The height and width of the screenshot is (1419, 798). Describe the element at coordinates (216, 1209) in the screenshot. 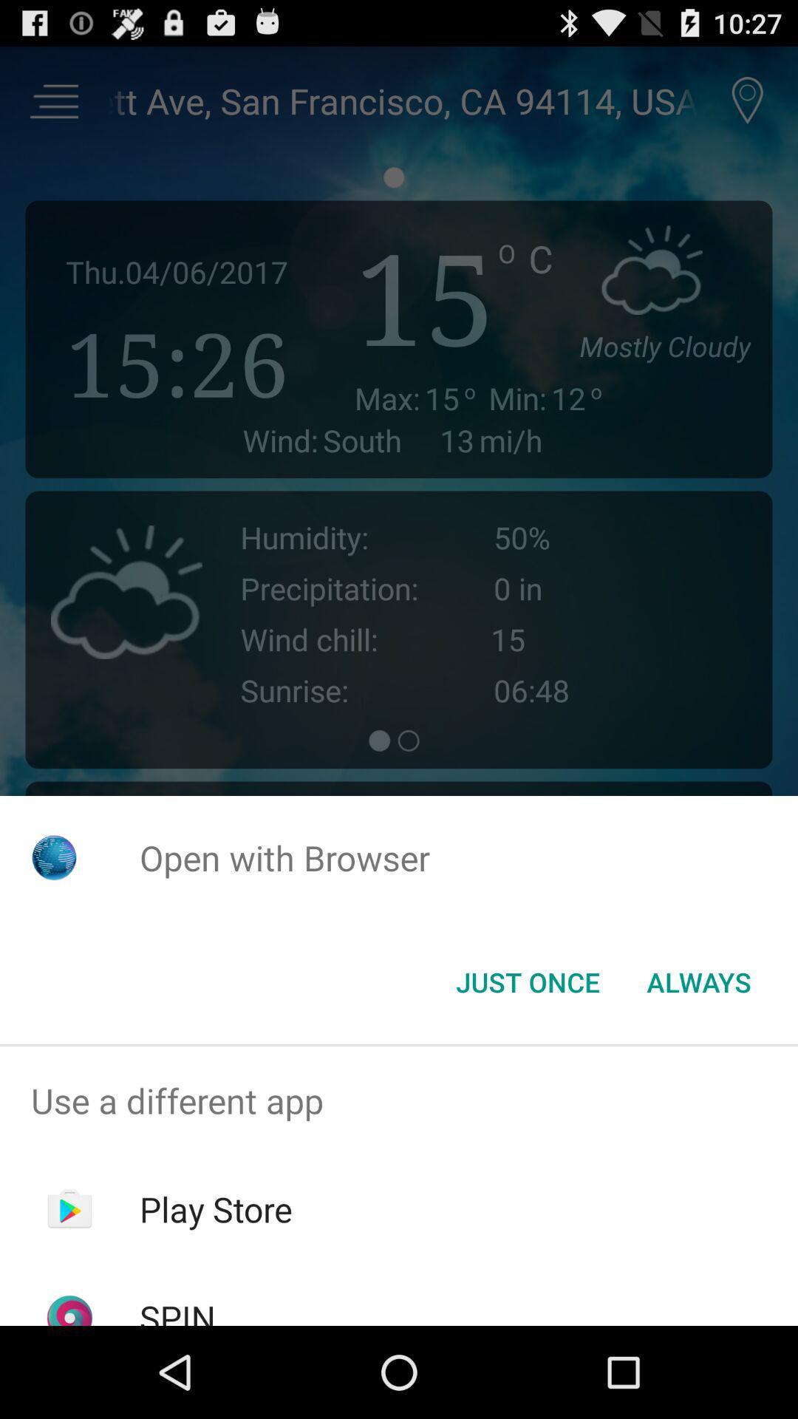

I see `the play store icon` at that location.